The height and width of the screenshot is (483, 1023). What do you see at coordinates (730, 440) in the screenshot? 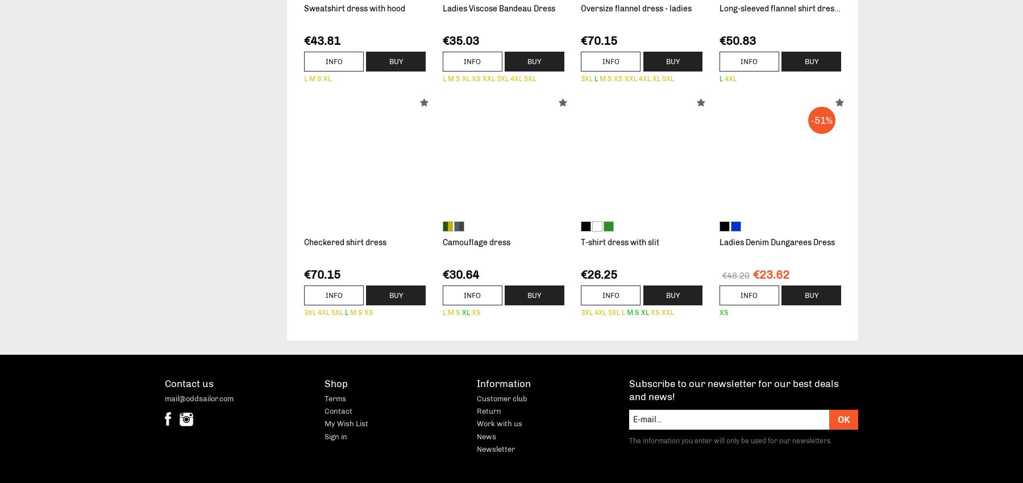
I see `'The information you enter will only be used for our newsletters.'` at bounding box center [730, 440].